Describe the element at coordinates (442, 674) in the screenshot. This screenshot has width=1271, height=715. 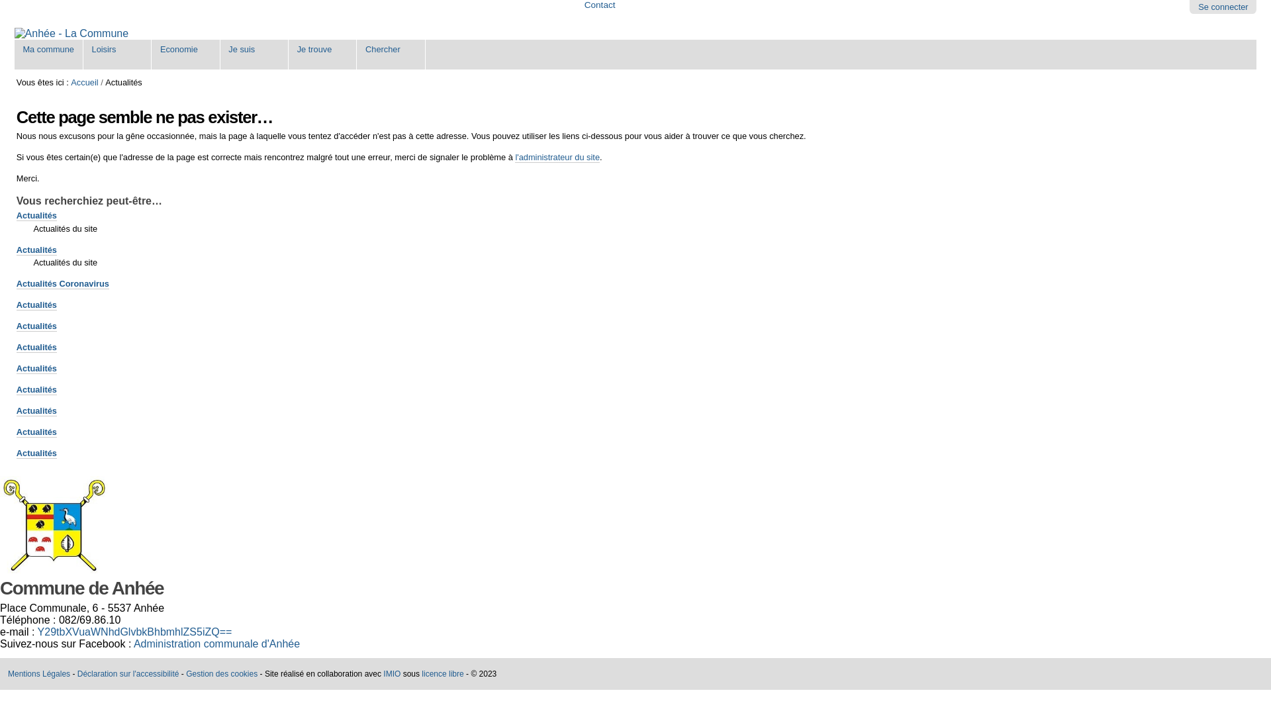
I see `'licence libre'` at that location.